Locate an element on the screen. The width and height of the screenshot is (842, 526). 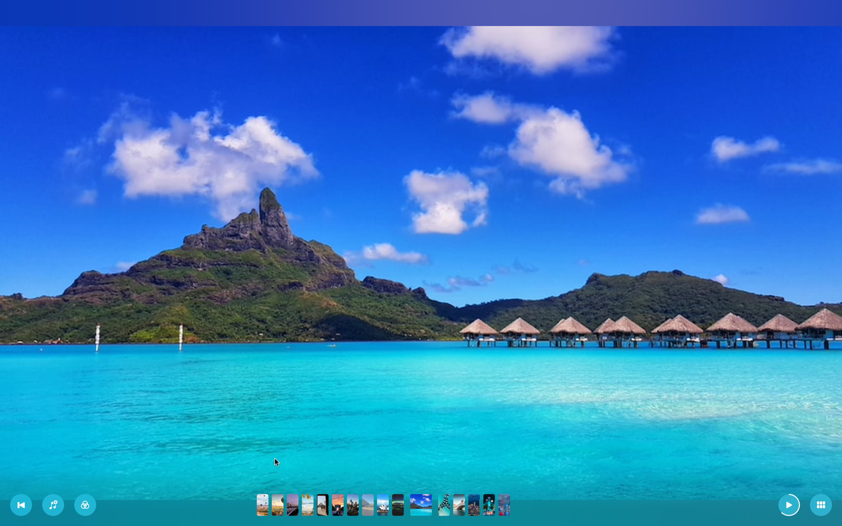
the second filter on the active slideshow is located at coordinates (85, 504).